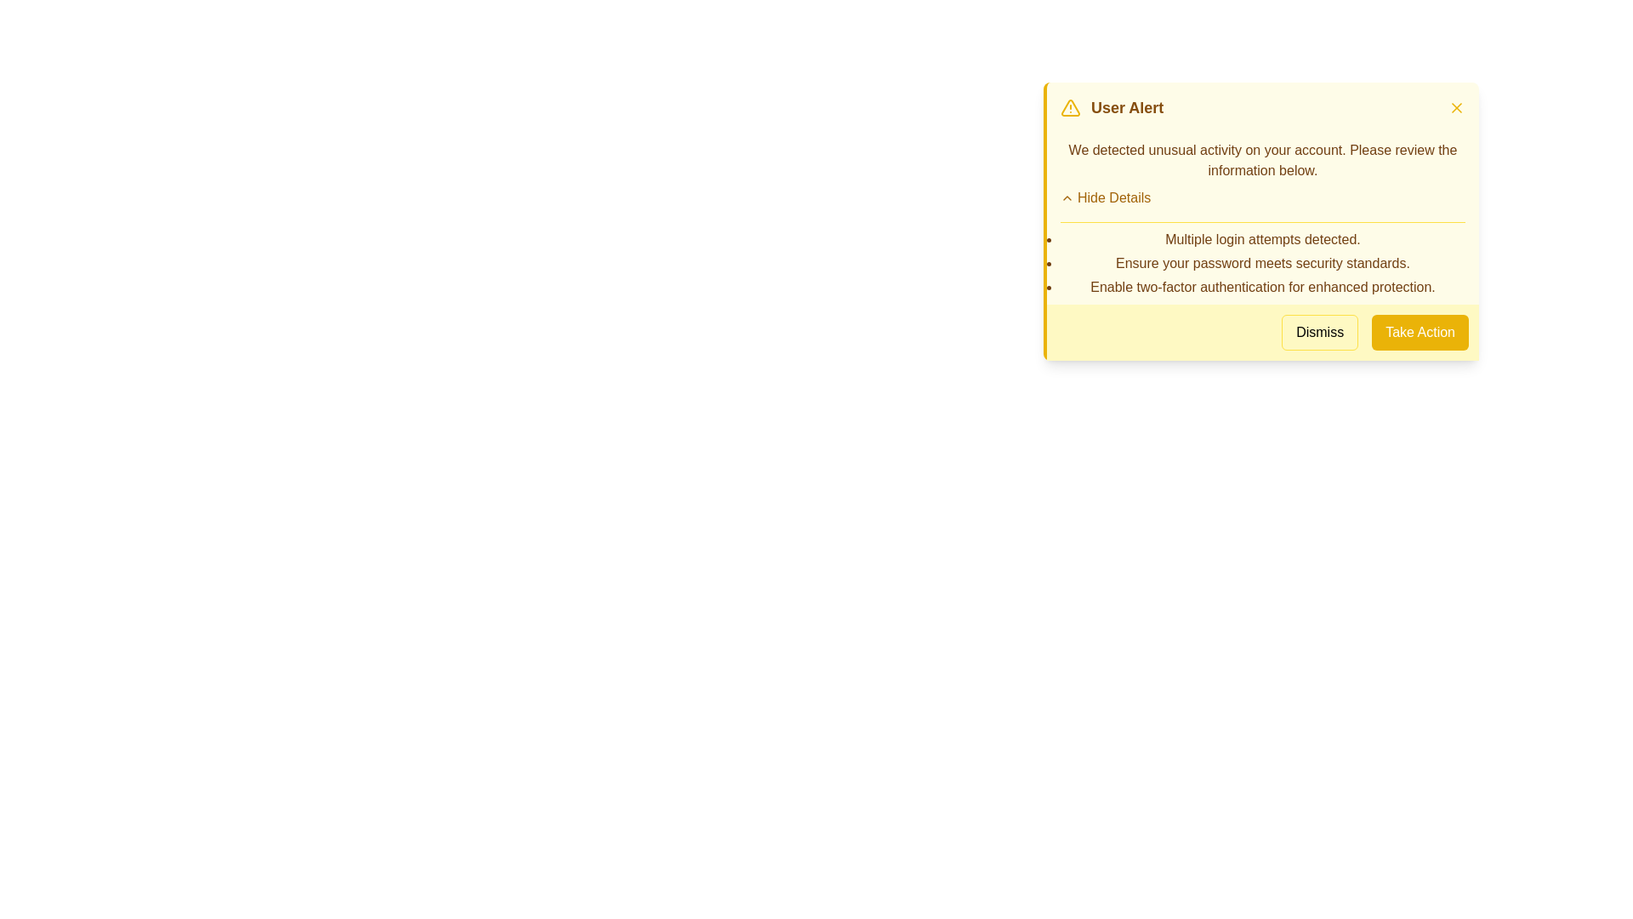  What do you see at coordinates (1114, 197) in the screenshot?
I see `the 'Hide Details' text label, which is styled in a brownish font and located in the top section of the alert dialog box, near a downward-pointing chevron icon` at bounding box center [1114, 197].